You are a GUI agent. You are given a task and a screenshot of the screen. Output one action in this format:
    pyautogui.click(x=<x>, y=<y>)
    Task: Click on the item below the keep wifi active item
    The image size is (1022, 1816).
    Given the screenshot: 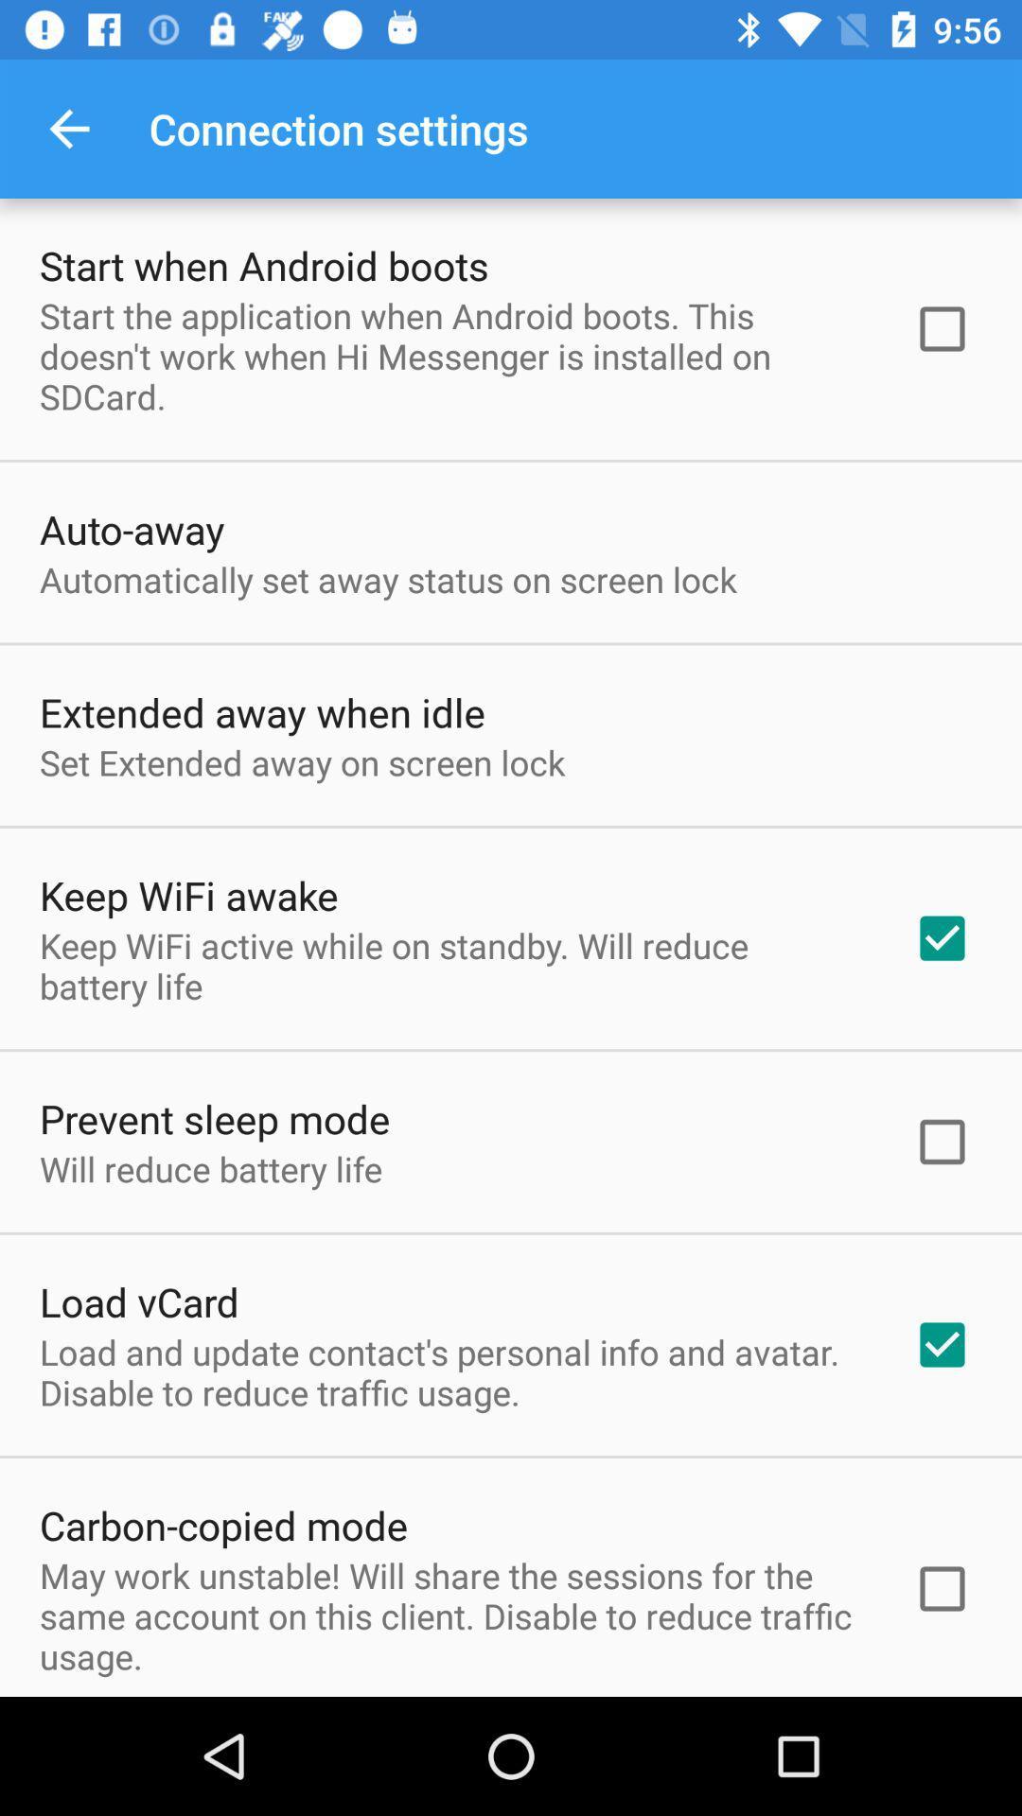 What is the action you would take?
    pyautogui.click(x=214, y=1118)
    